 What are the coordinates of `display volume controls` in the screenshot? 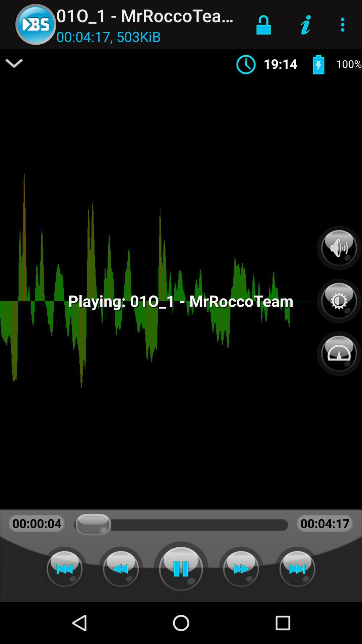 It's located at (339, 248).